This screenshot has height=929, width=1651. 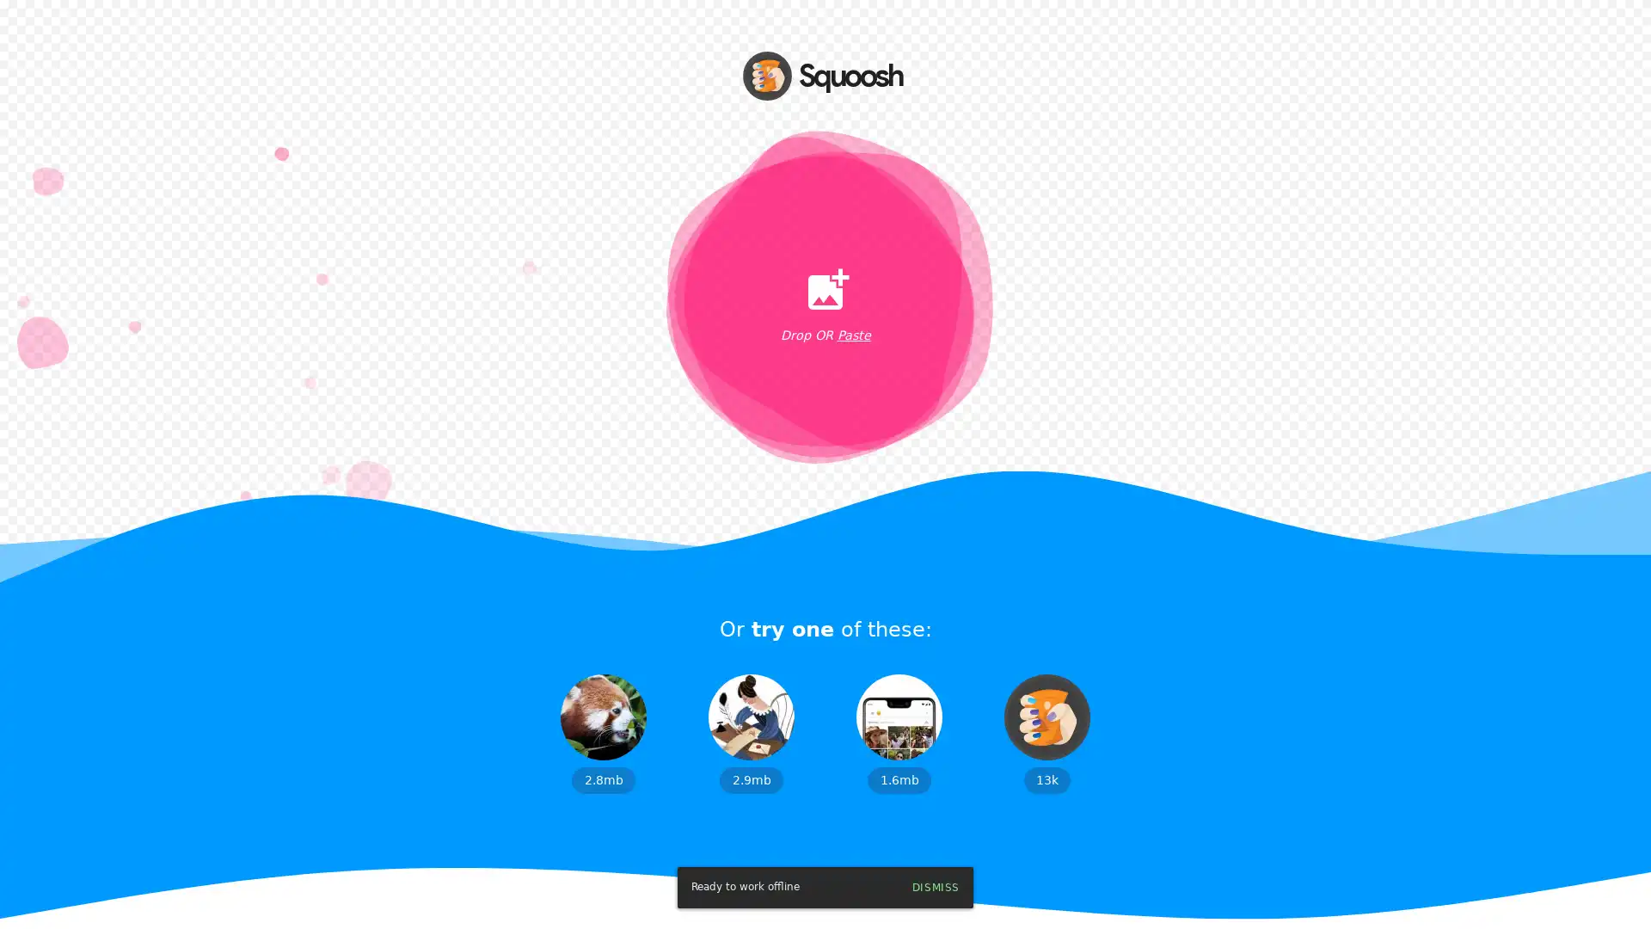 I want to click on Artwork 2.9mb, so click(x=751, y=733).